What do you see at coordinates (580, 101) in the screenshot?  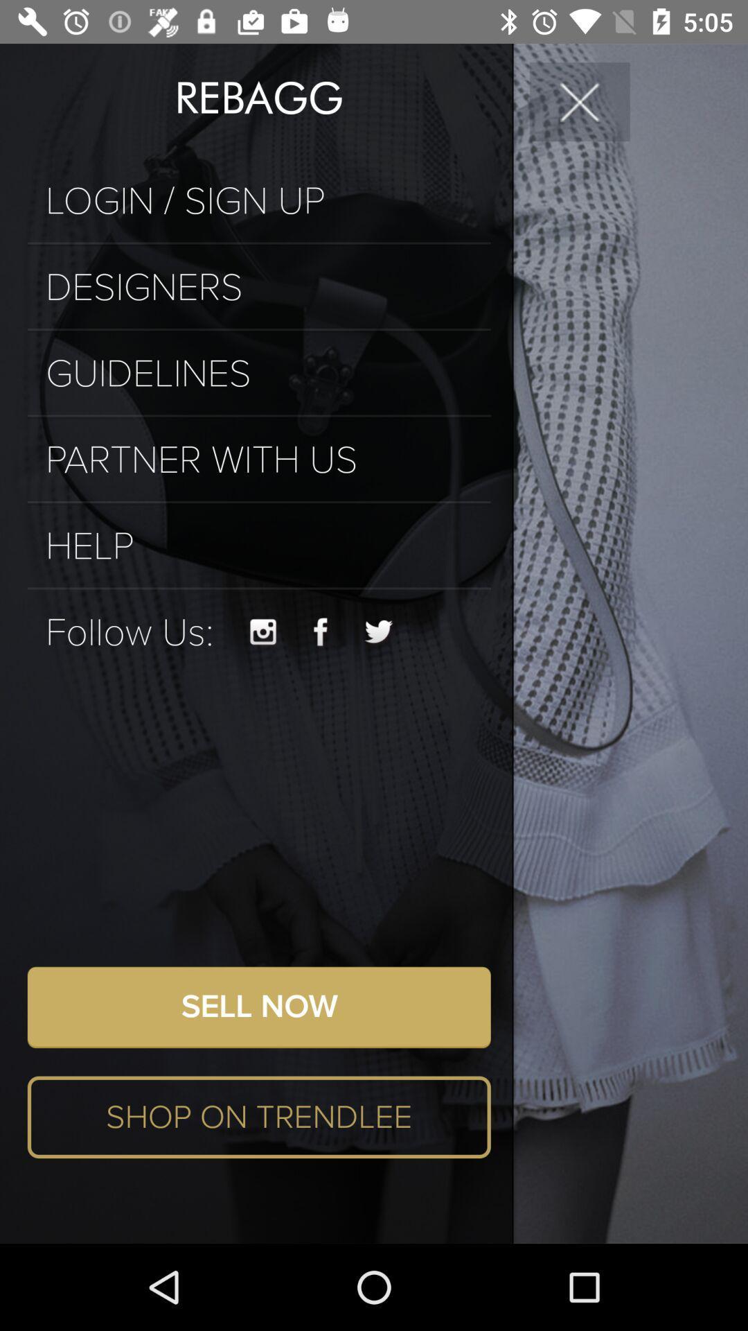 I see `the icon to the right of the rebagg icon` at bounding box center [580, 101].